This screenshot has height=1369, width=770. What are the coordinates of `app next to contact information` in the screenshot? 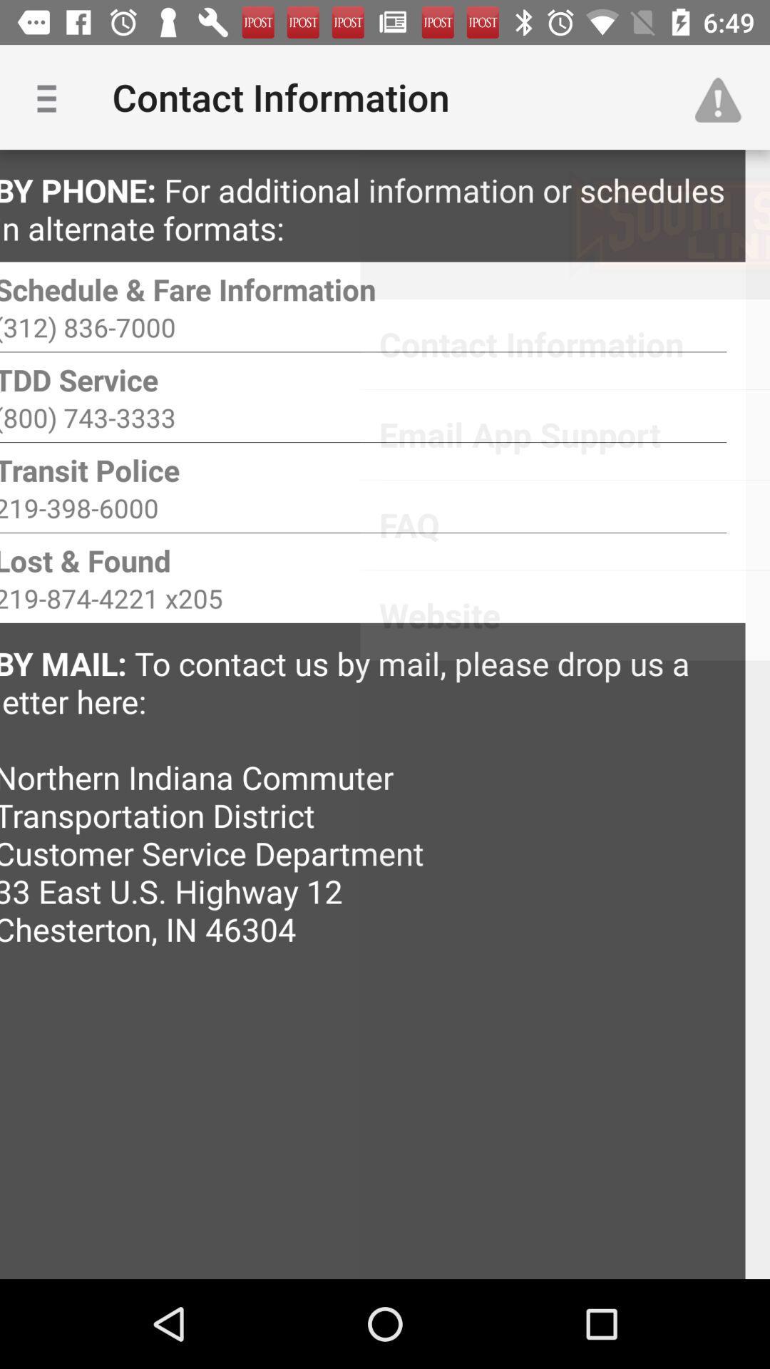 It's located at (725, 96).